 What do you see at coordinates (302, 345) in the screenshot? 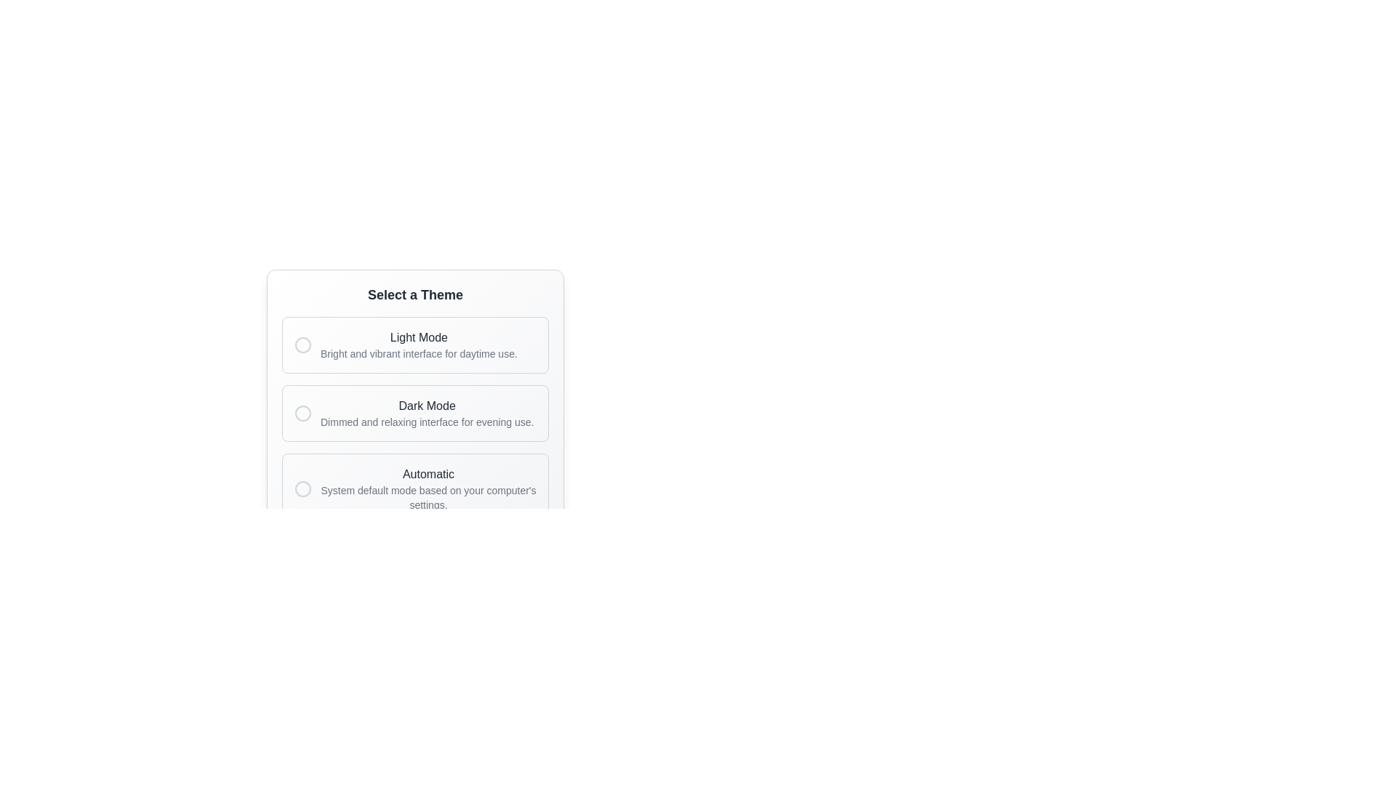
I see `the radio button` at bounding box center [302, 345].